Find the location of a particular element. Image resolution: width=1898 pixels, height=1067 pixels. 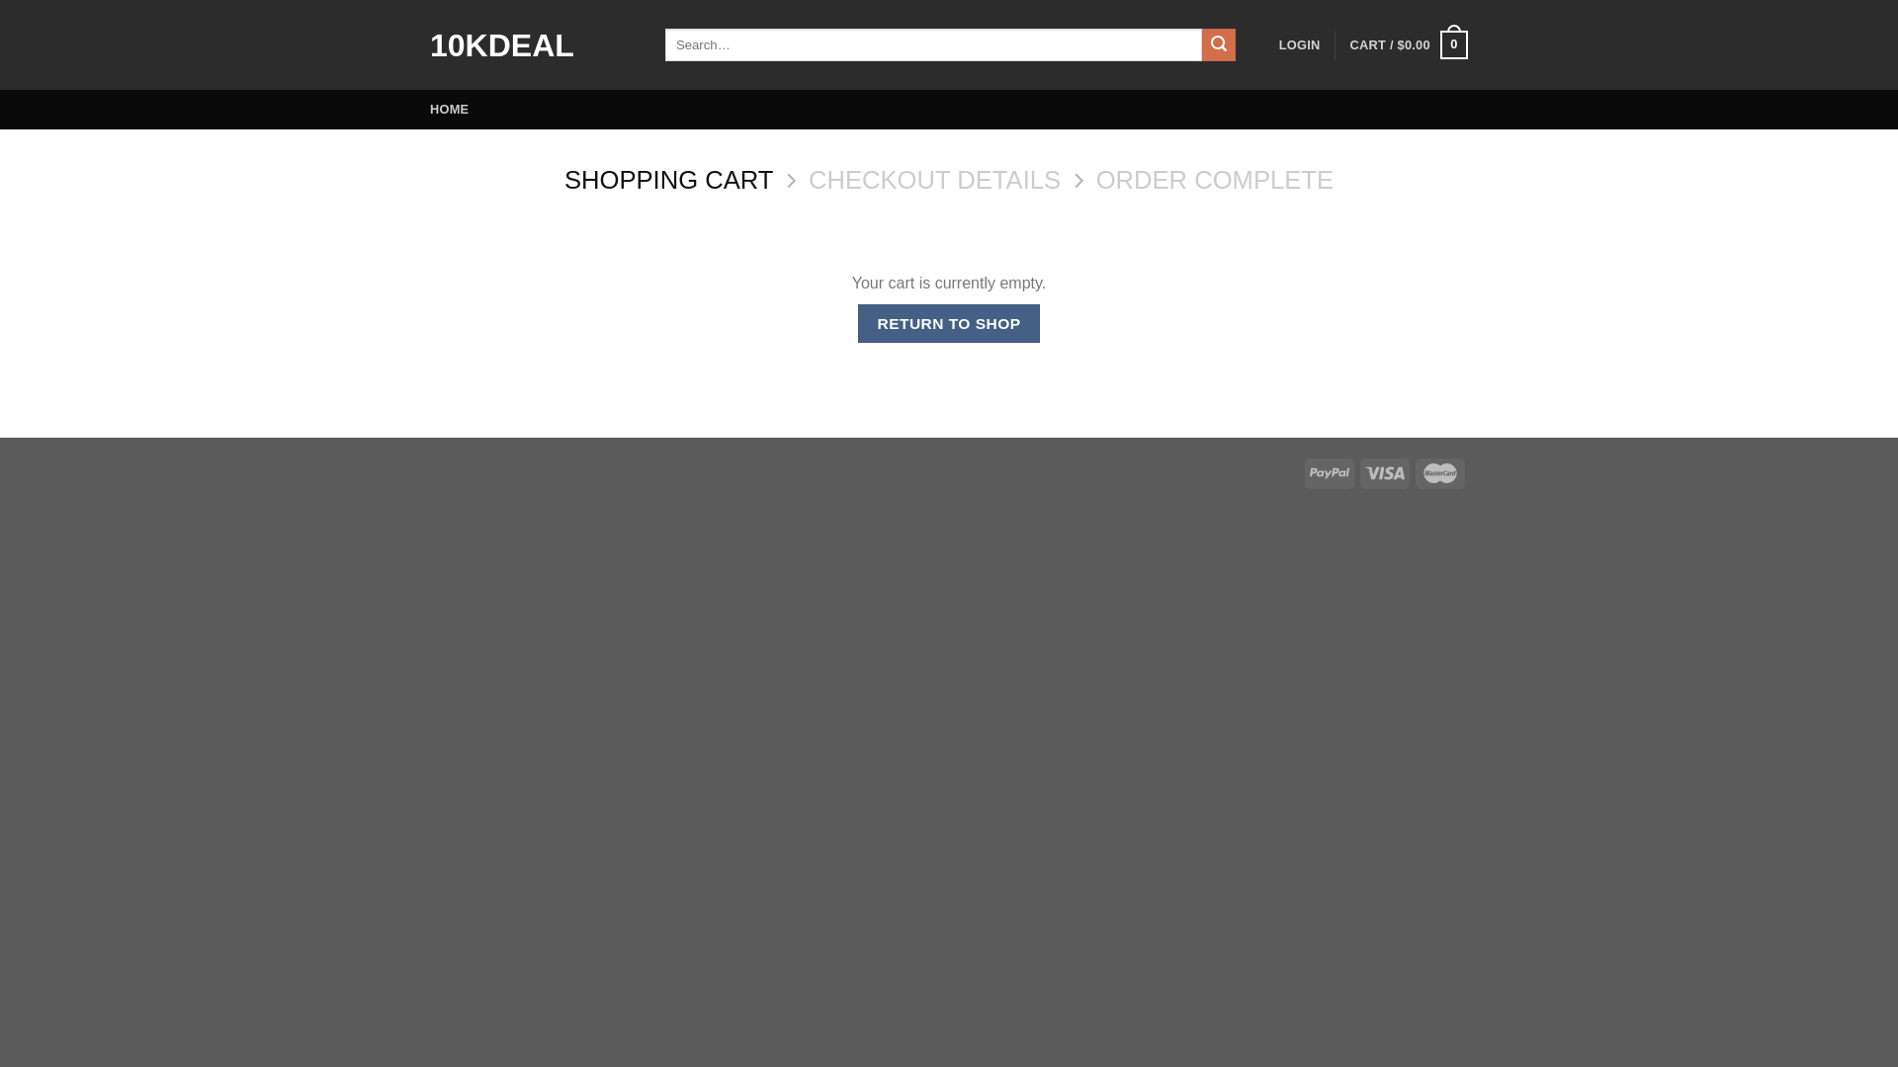

'CART / $0.00 is located at coordinates (1408, 44).